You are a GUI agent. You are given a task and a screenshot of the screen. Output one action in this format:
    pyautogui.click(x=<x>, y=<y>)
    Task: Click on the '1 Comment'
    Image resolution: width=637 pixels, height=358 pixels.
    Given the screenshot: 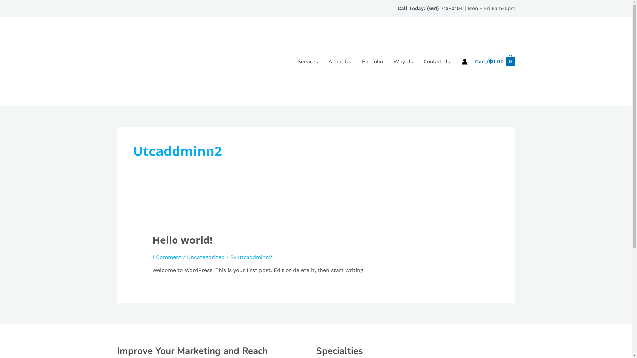 What is the action you would take?
    pyautogui.click(x=152, y=257)
    